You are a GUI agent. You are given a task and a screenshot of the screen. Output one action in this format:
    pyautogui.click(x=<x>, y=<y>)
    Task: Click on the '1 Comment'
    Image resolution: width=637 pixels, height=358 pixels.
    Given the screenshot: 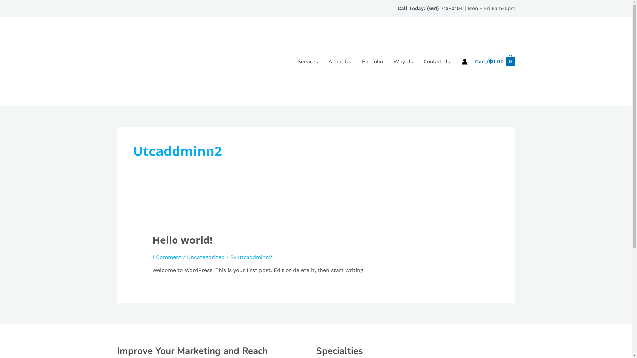 What is the action you would take?
    pyautogui.click(x=152, y=257)
    